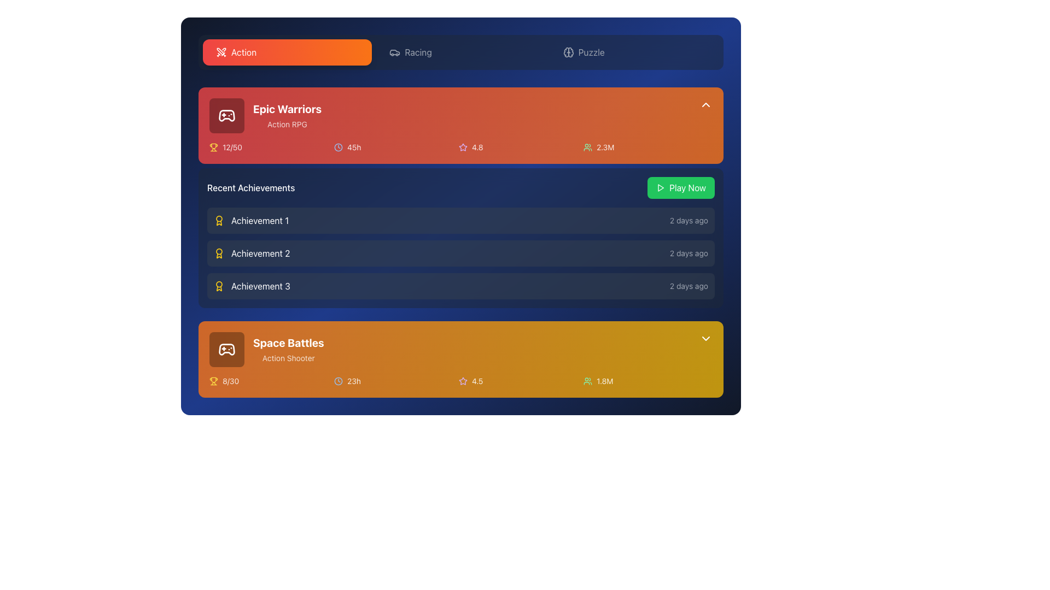 This screenshot has width=1050, height=590. I want to click on the 'Achievement 1' label with a medal icon, located at the top of the 'Recent Achievements' section, so click(250, 221).